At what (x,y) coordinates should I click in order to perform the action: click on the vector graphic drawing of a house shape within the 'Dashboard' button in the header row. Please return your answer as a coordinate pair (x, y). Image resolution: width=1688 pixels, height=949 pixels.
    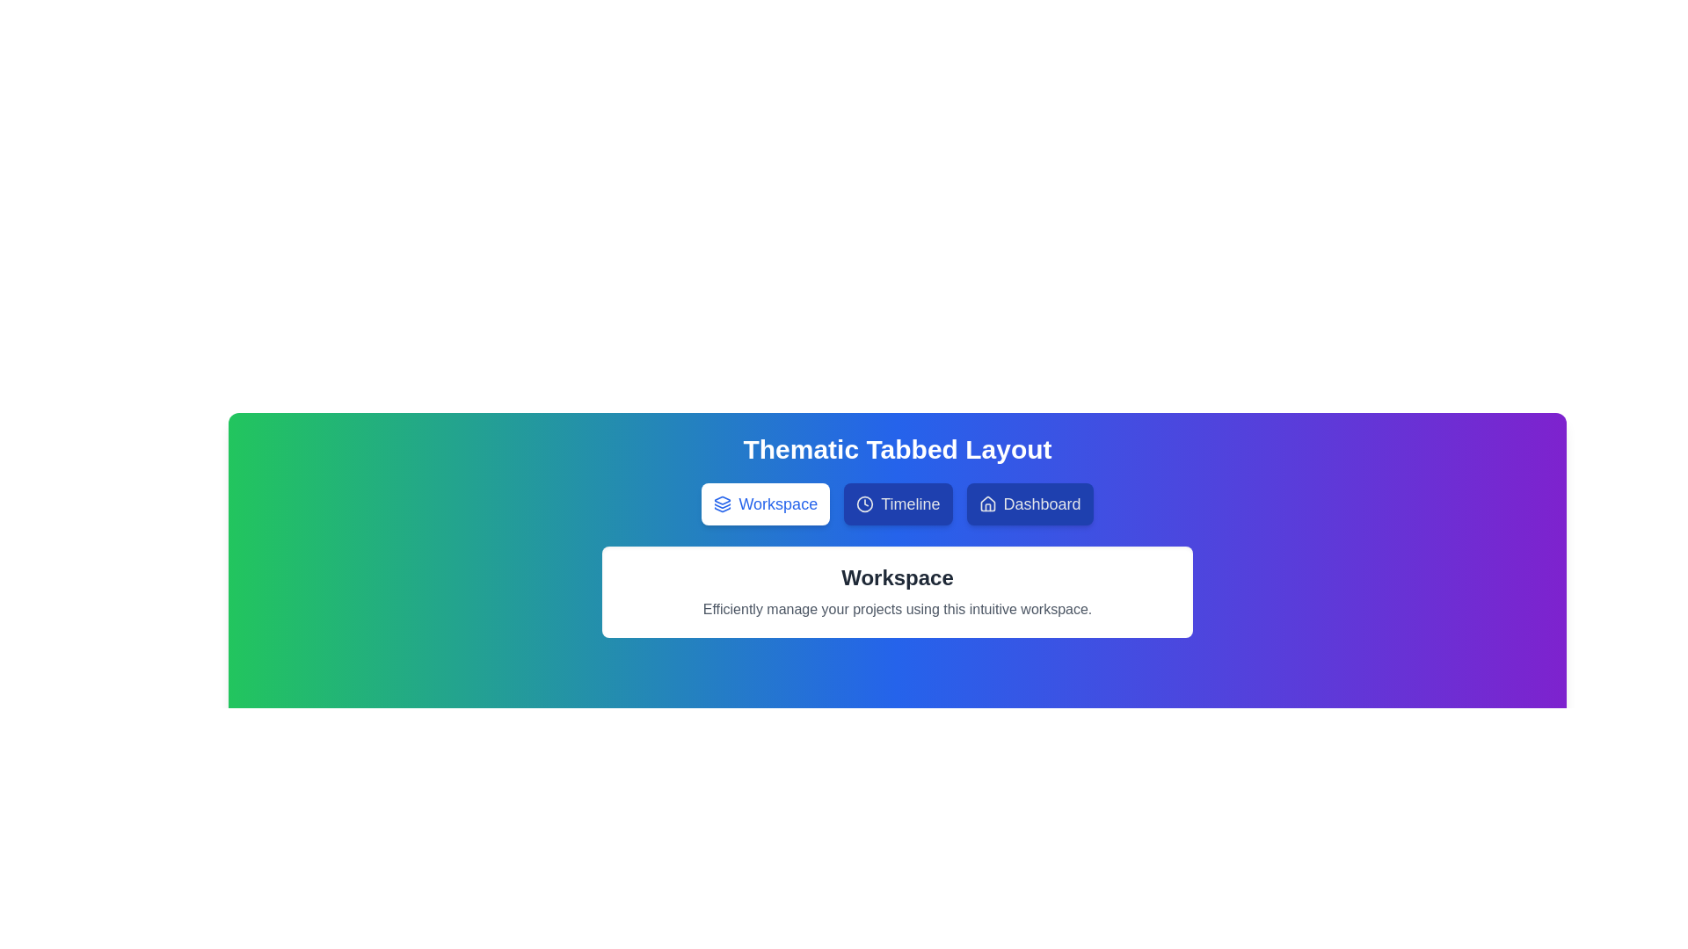
    Looking at the image, I should click on (987, 503).